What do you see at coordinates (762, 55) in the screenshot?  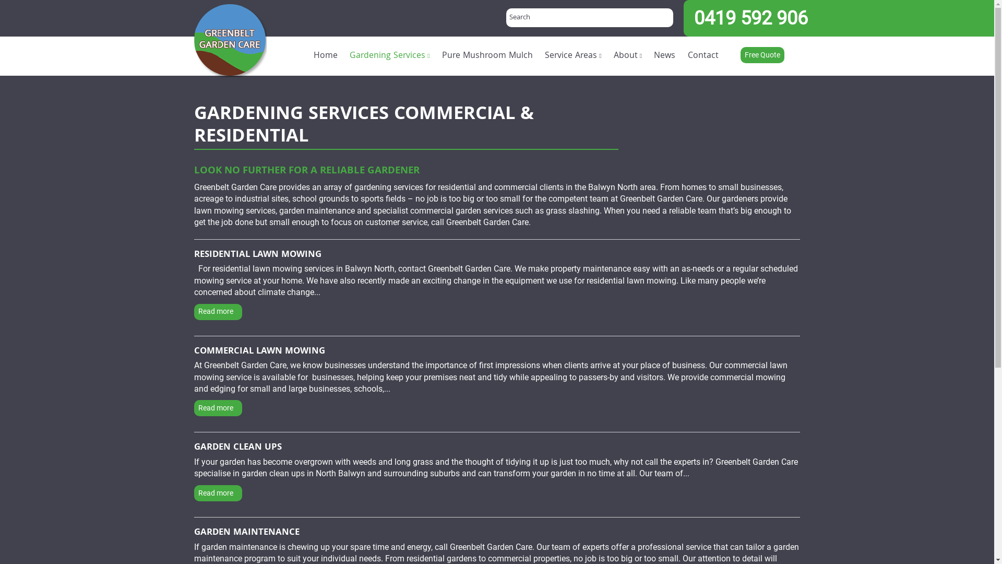 I see `'Free Quote'` at bounding box center [762, 55].